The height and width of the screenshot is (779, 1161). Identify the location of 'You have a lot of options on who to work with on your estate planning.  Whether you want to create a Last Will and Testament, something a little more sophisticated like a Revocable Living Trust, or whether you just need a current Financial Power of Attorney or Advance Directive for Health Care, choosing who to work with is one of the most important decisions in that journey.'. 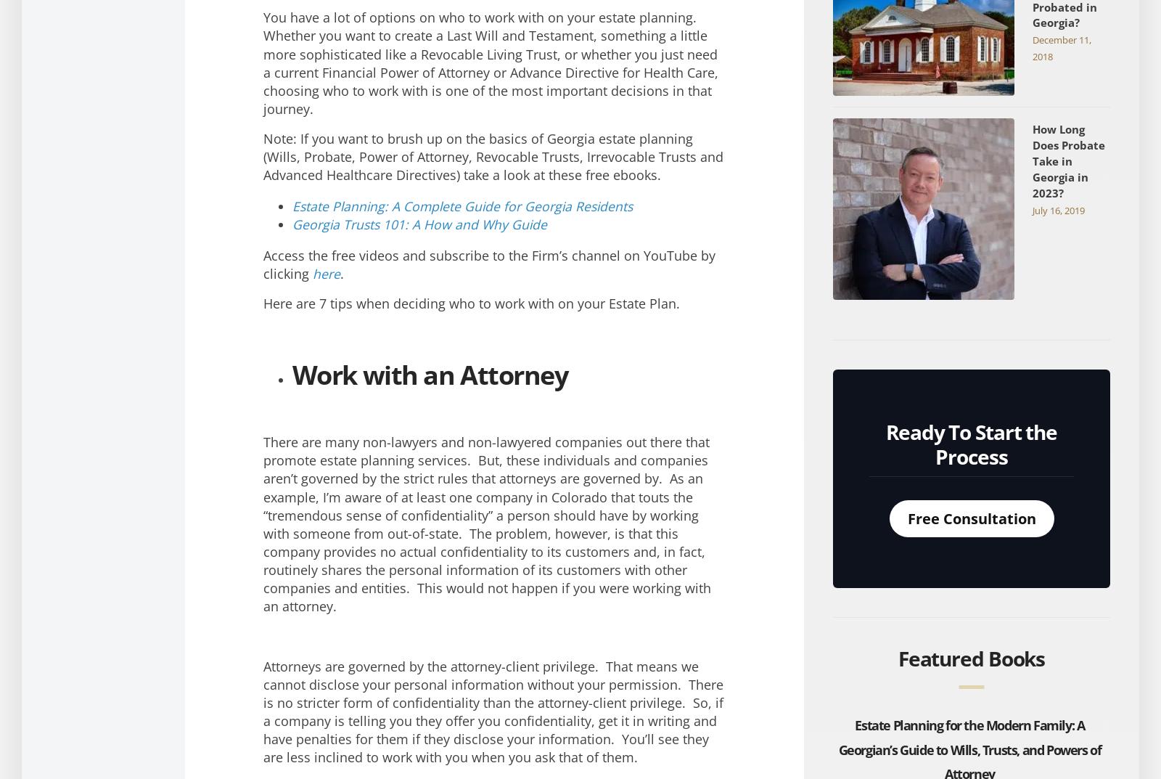
(490, 62).